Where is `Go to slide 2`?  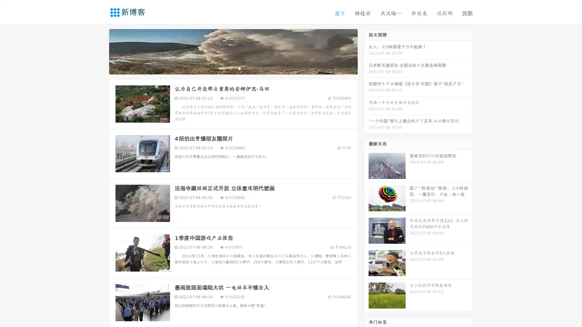 Go to slide 2 is located at coordinates (233, 68).